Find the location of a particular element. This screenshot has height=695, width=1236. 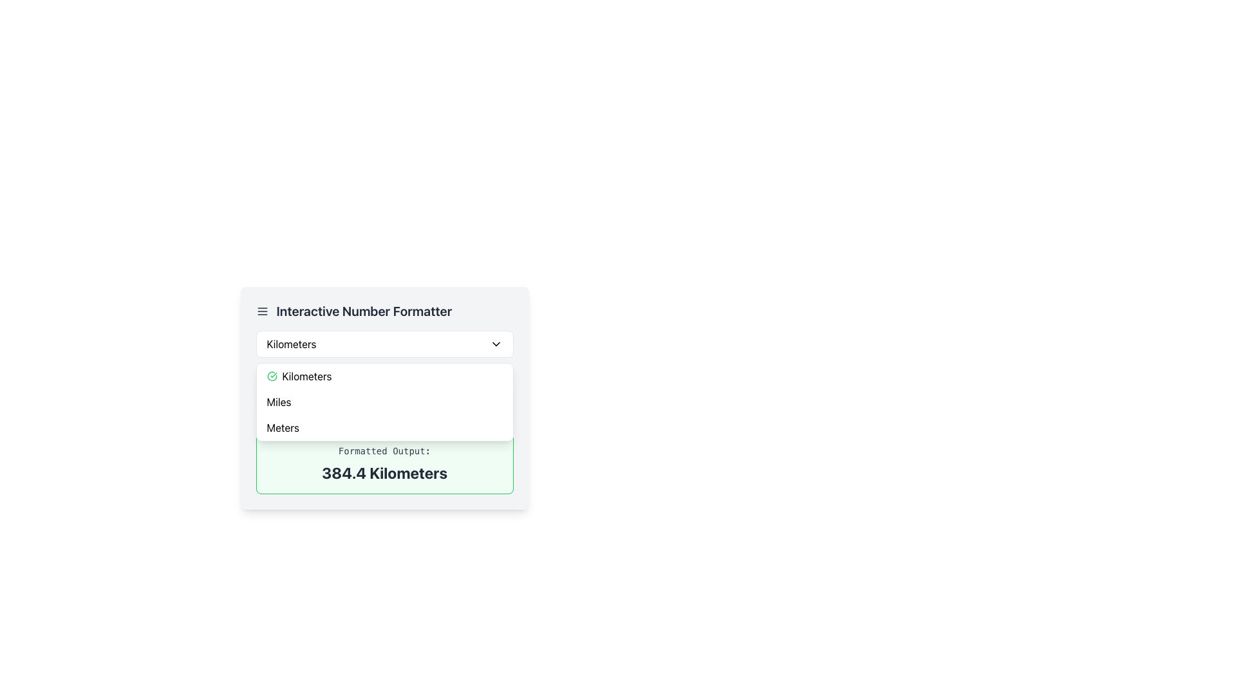

the dropdown indicator icon located to the far right of the text 'Kilometers' is located at coordinates (495, 344).